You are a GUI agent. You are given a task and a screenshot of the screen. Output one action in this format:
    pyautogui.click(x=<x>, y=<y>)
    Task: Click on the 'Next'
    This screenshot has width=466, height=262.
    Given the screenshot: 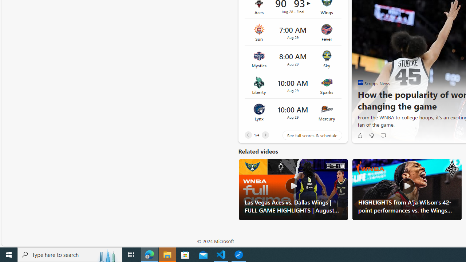 What is the action you would take?
    pyautogui.click(x=265, y=135)
    